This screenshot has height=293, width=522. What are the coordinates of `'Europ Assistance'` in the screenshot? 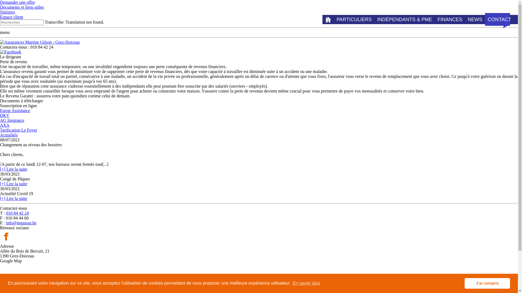 It's located at (15, 110).